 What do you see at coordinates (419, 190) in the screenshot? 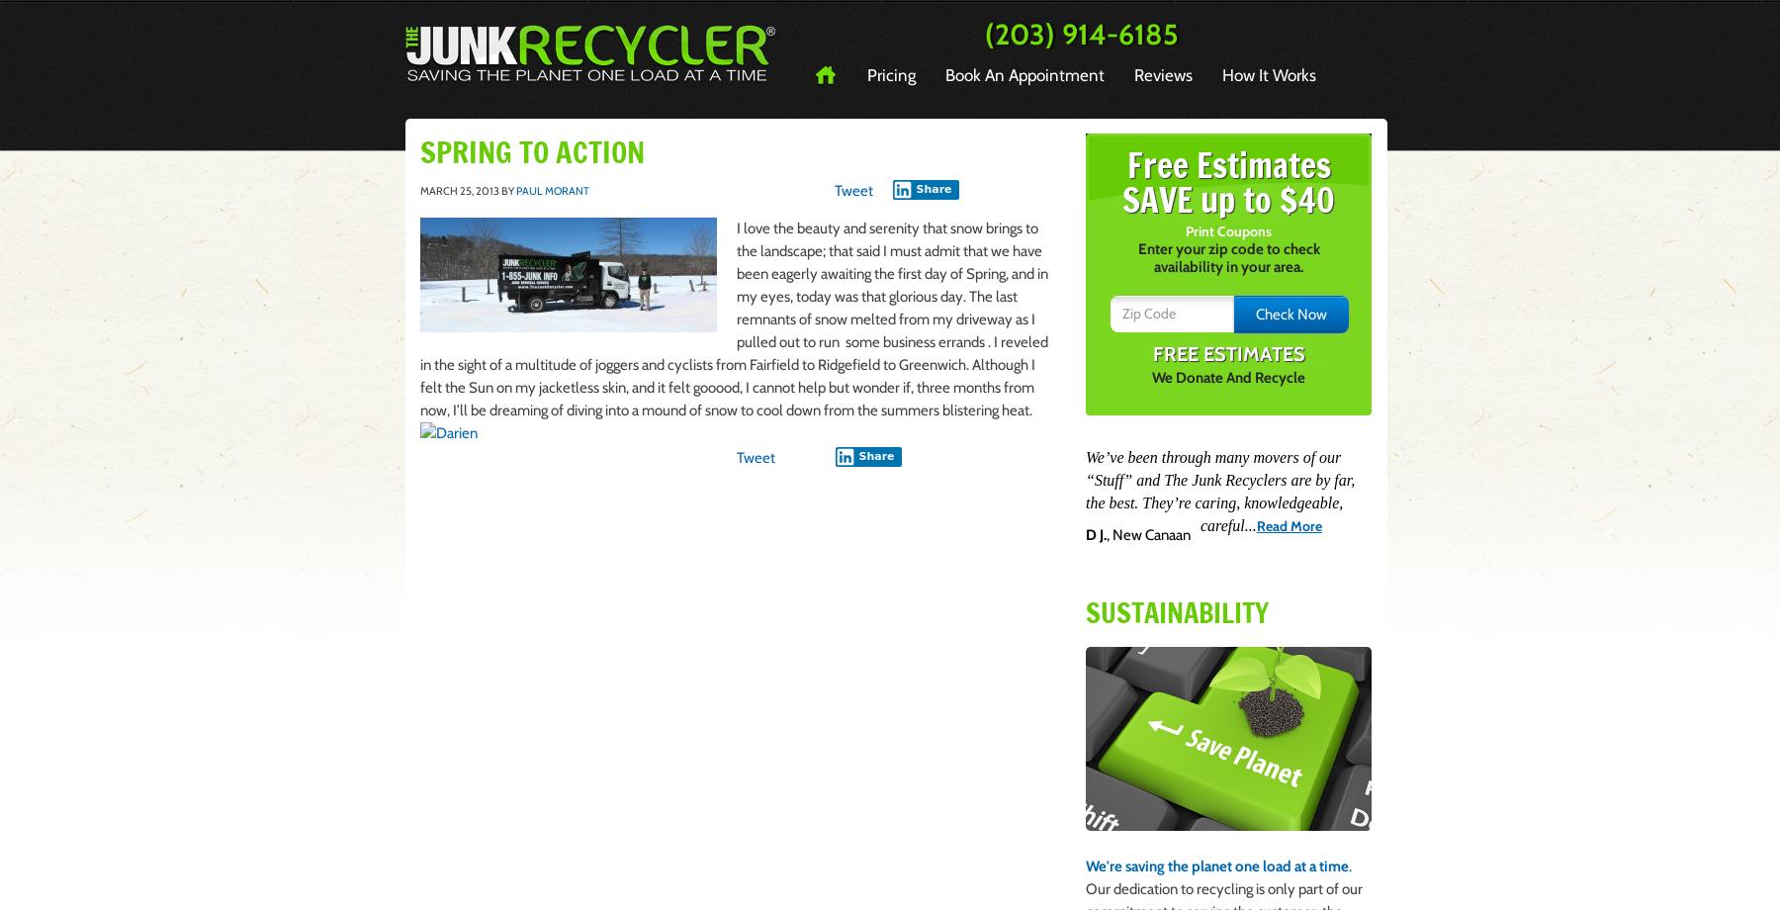
I see `'March 25, 2013'` at bounding box center [419, 190].